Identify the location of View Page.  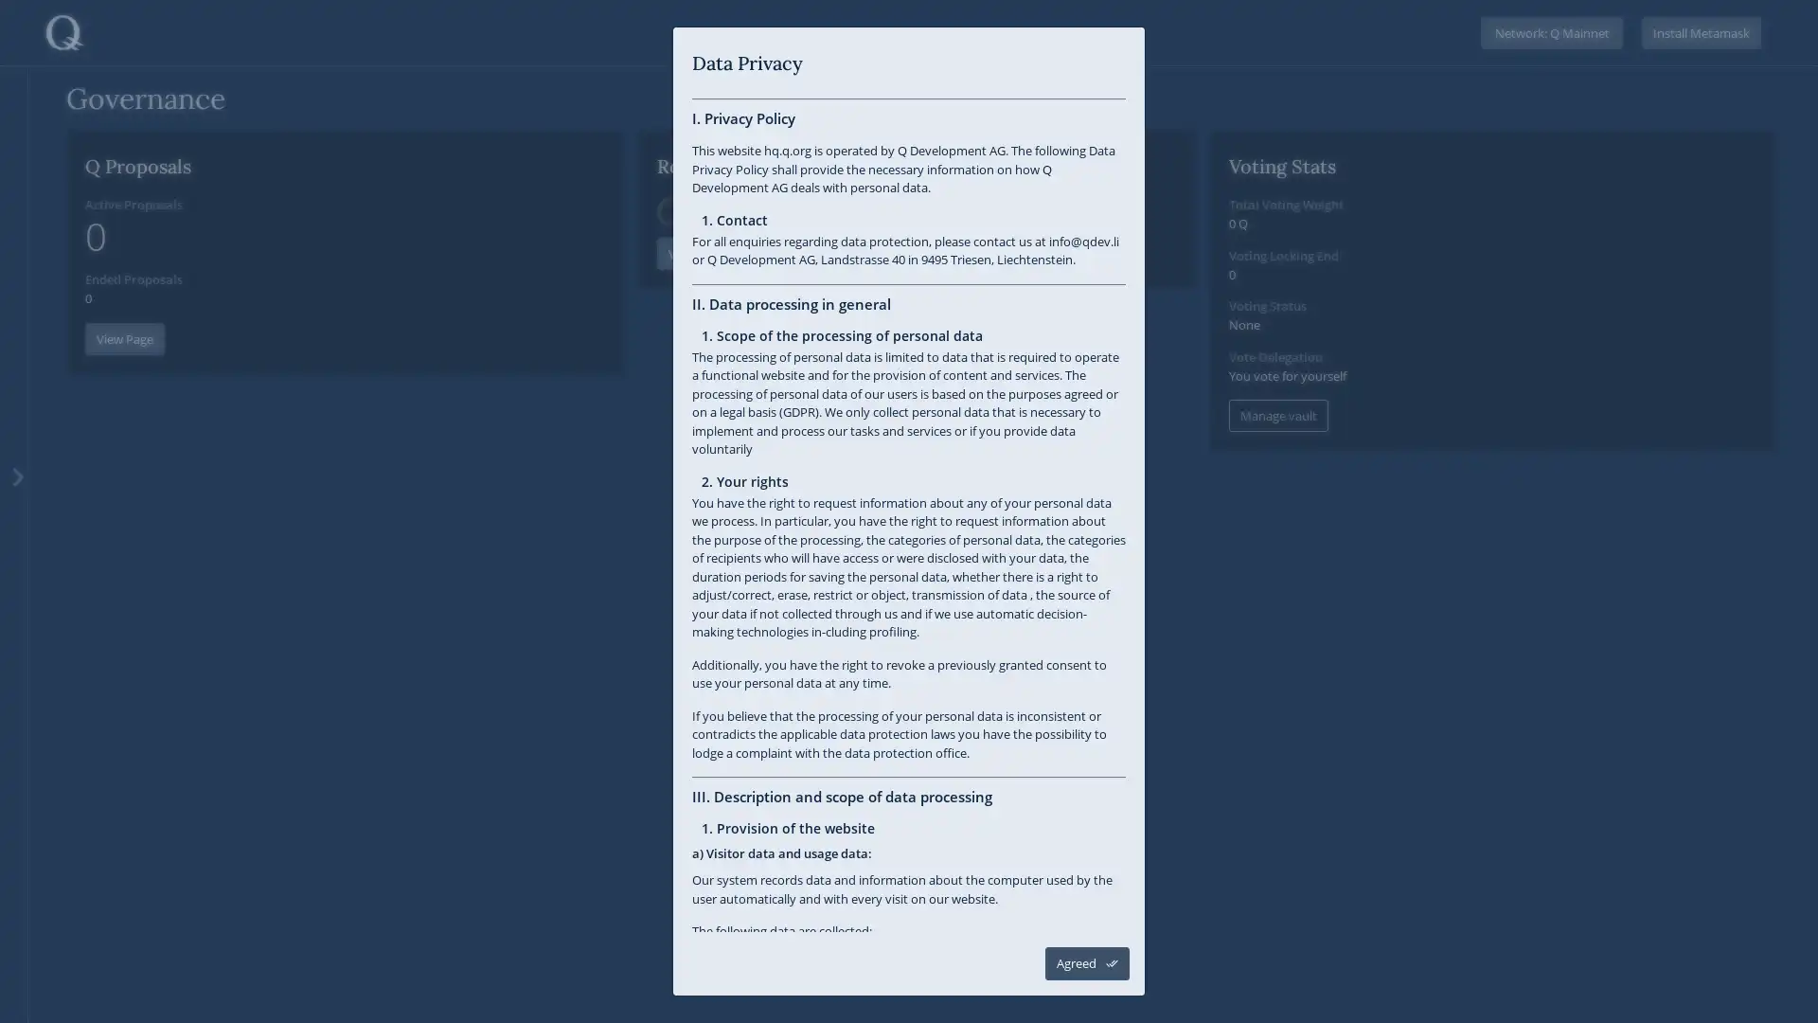
(124, 337).